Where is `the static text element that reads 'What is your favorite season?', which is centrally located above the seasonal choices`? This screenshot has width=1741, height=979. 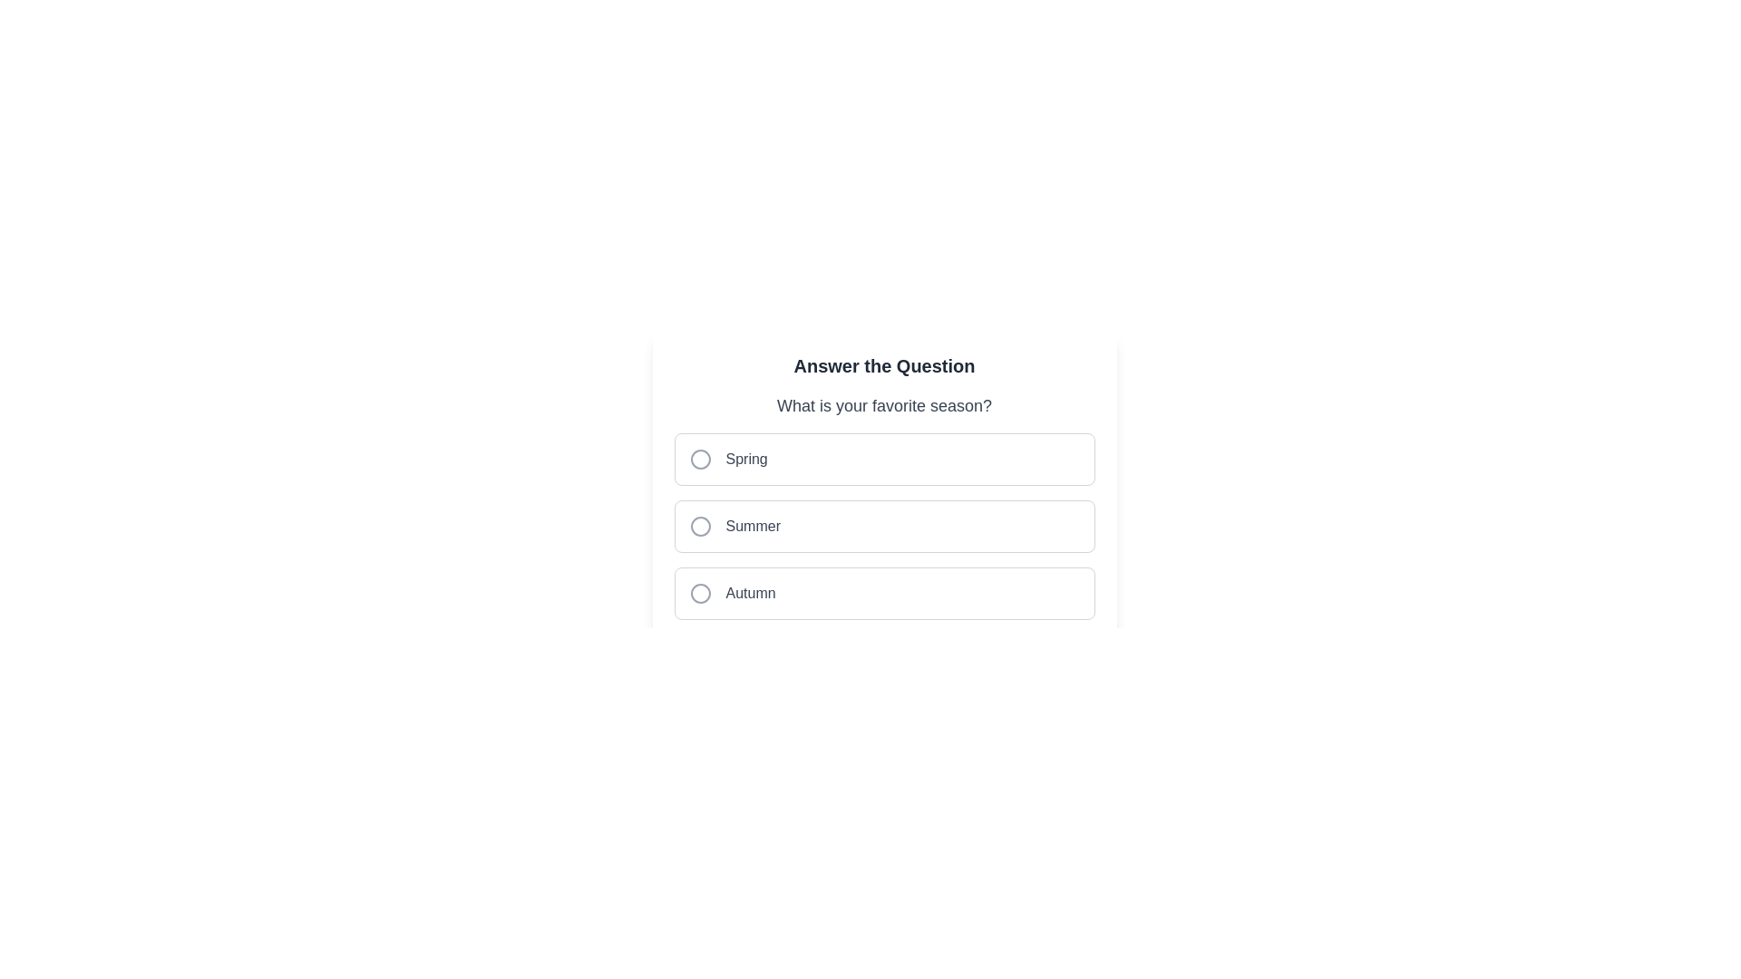
the static text element that reads 'What is your favorite season?', which is centrally located above the seasonal choices is located at coordinates (884, 404).